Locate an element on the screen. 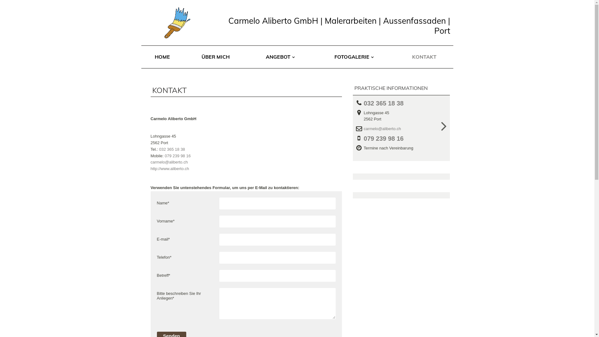 Image resolution: width=599 pixels, height=337 pixels. 'carmelo@aliberto.ch' is located at coordinates (384, 129).